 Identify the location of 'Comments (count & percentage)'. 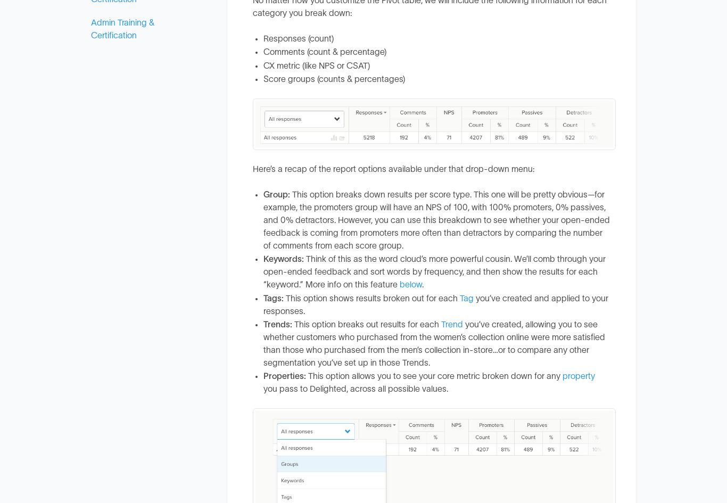
(324, 51).